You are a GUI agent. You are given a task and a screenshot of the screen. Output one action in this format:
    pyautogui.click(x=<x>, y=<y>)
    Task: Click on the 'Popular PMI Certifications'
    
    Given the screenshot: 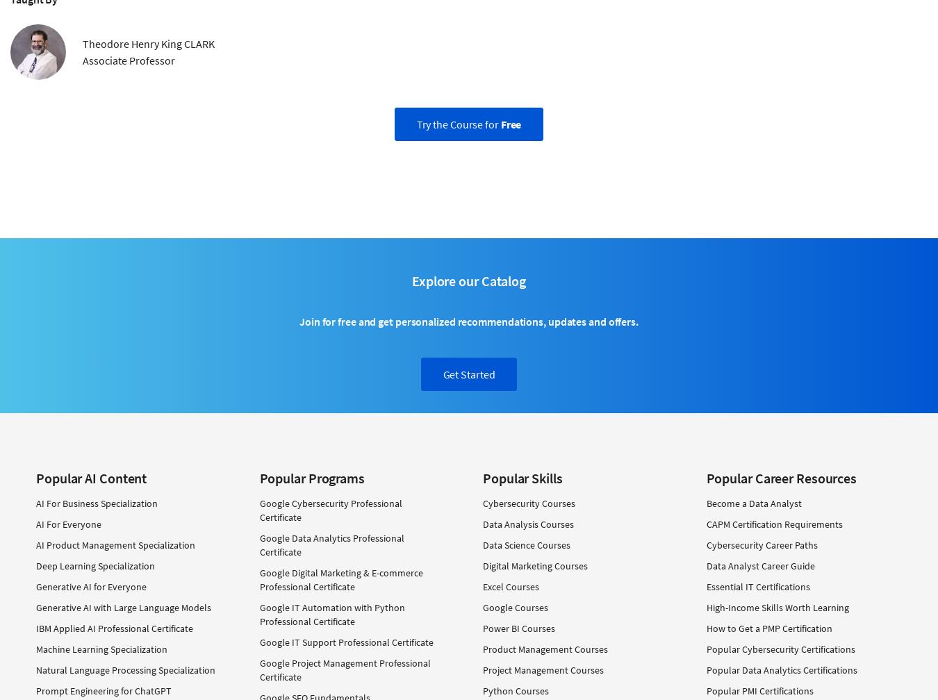 What is the action you would take?
    pyautogui.click(x=759, y=690)
    